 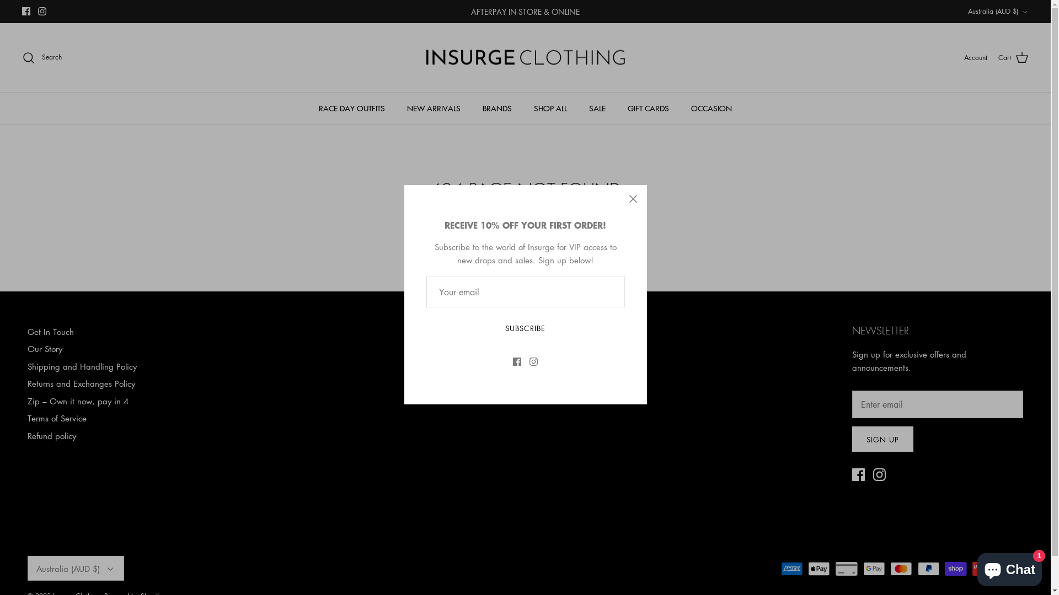 I want to click on 'Our Story', so click(x=44, y=348).